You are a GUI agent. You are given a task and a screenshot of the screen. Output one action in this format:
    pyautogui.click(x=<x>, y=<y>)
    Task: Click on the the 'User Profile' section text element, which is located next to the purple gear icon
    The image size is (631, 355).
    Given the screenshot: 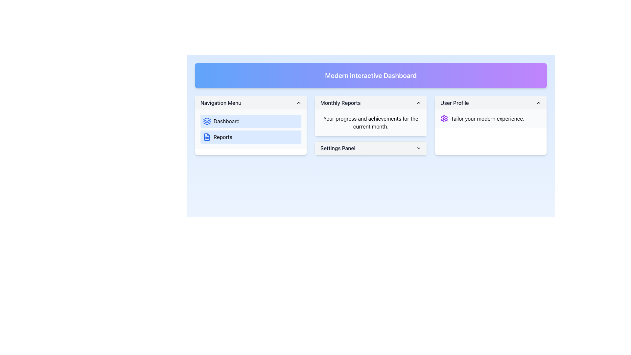 What is the action you would take?
    pyautogui.click(x=491, y=119)
    